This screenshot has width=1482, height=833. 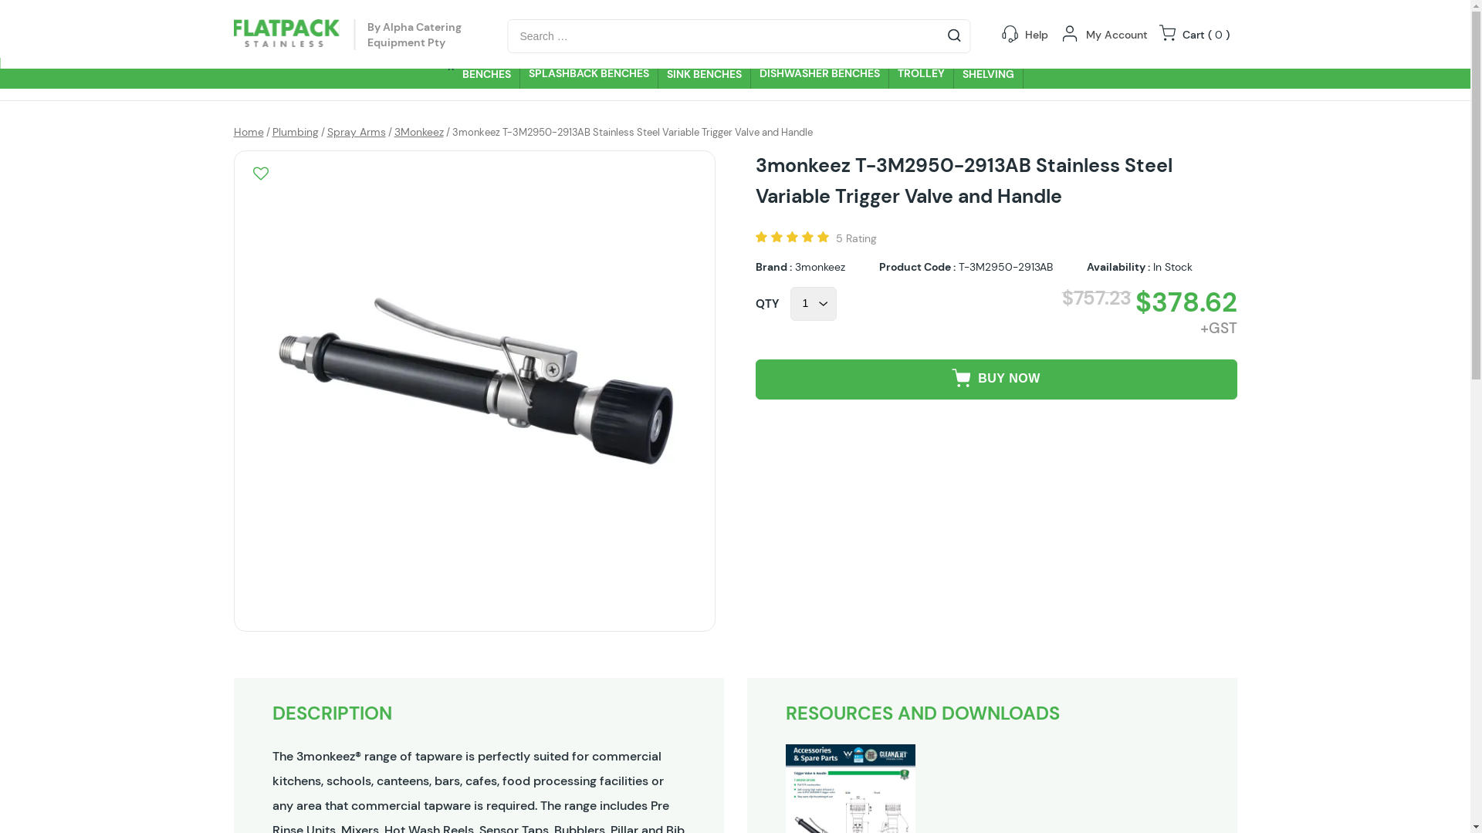 What do you see at coordinates (818, 73) in the screenshot?
I see `'DISHWASHER BENCHES'` at bounding box center [818, 73].